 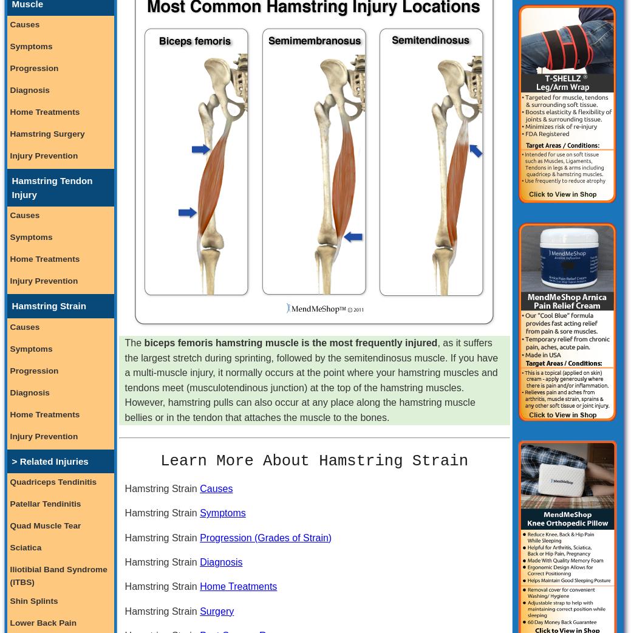 I want to click on 'Shin Splints', so click(x=33, y=600).